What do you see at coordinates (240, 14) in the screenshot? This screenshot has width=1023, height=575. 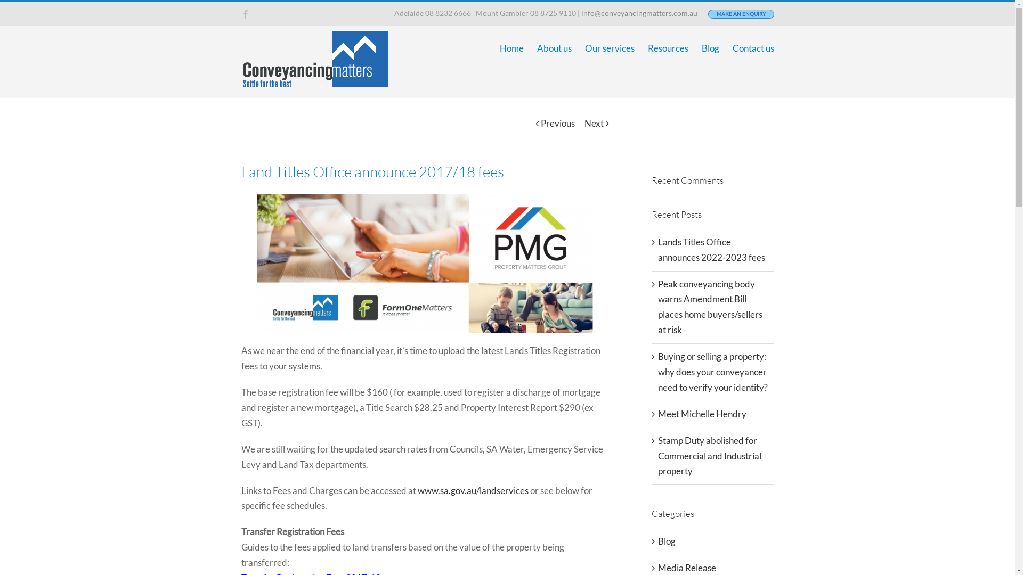 I see `'Facebook'` at bounding box center [240, 14].